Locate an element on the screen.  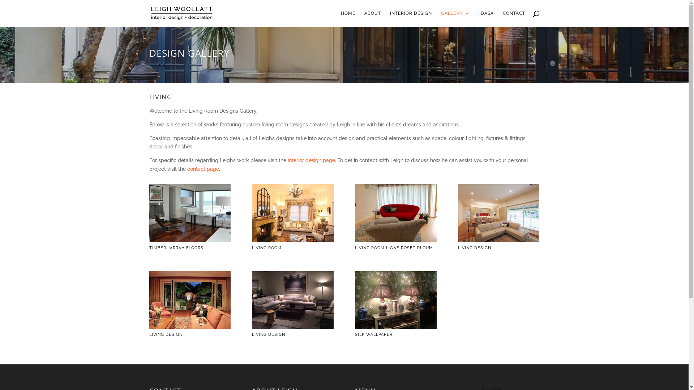
'interior design page' is located at coordinates (311, 160).